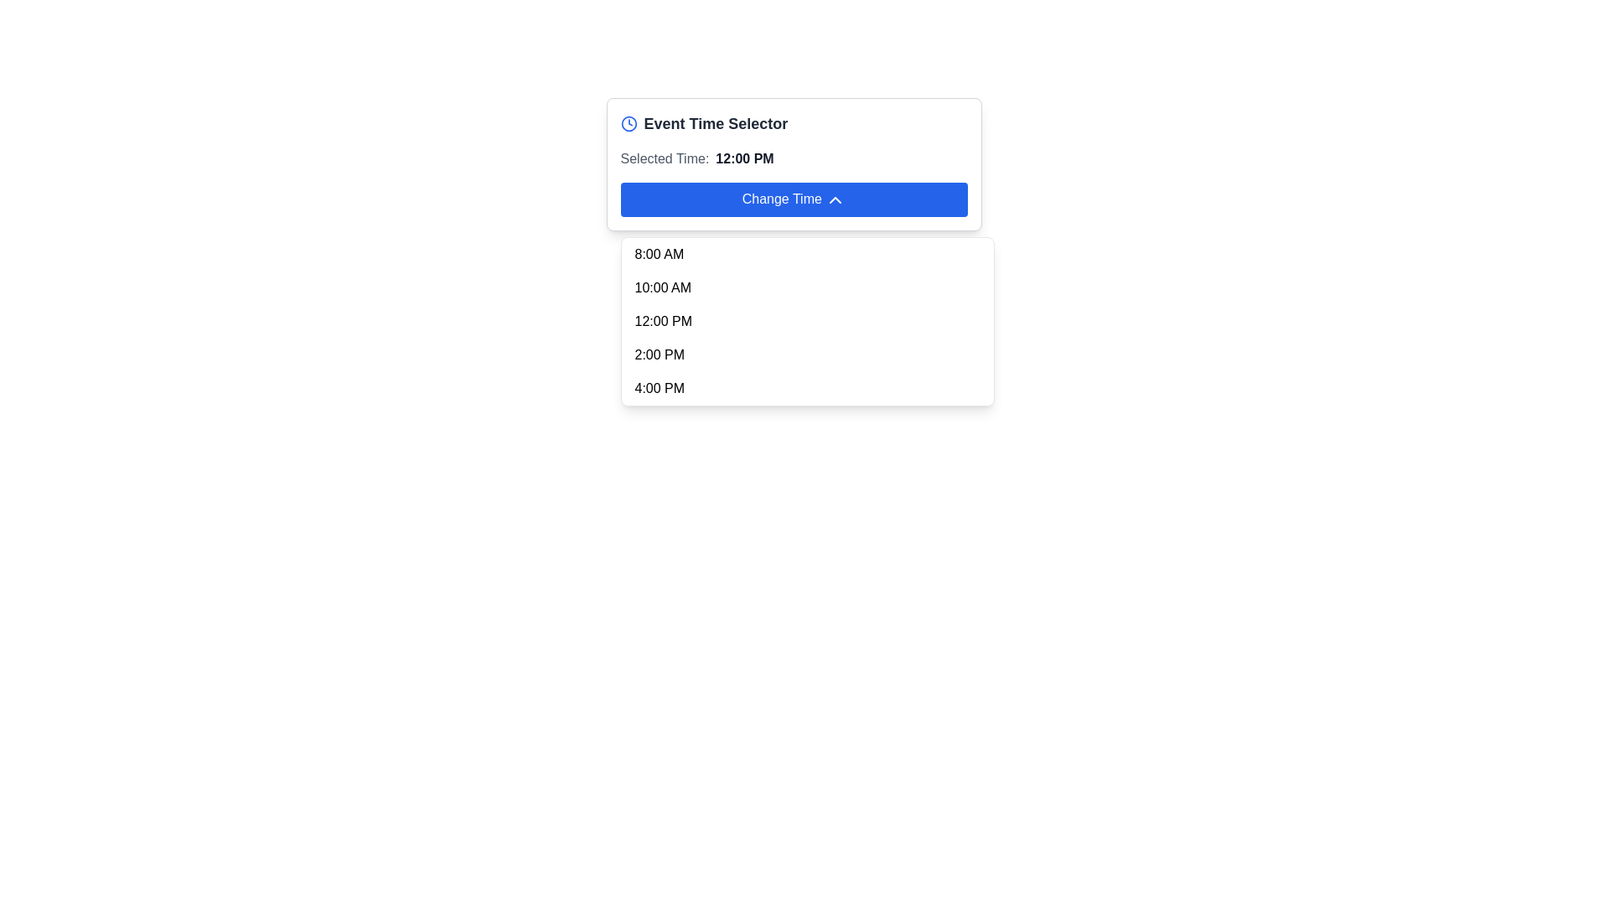 The height and width of the screenshot is (905, 1609). What do you see at coordinates (628, 122) in the screenshot?
I see `the blue circular clock icon located to the left of the 'Event Time Selector' title text` at bounding box center [628, 122].